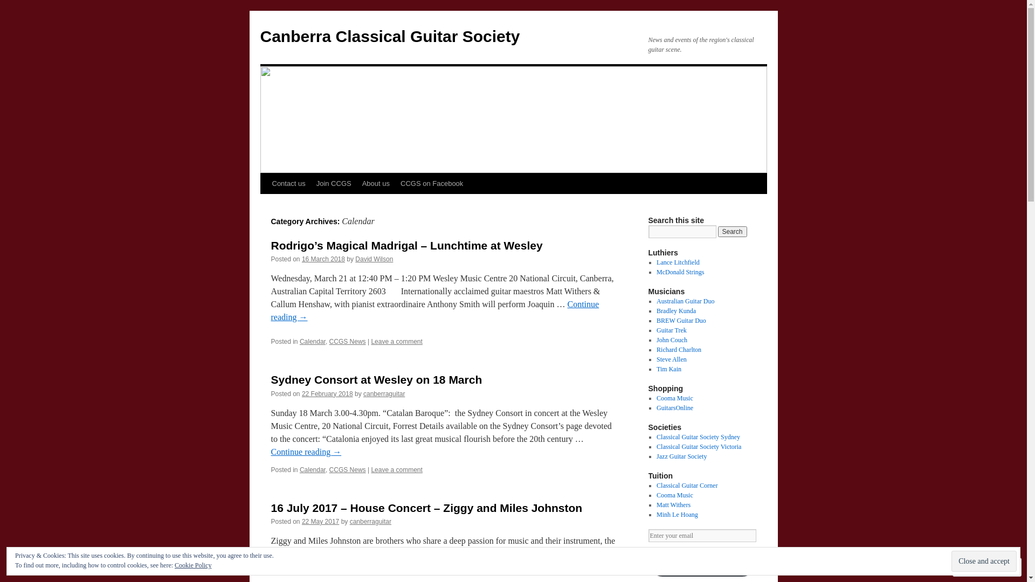 The image size is (1035, 582). What do you see at coordinates (389, 36) in the screenshot?
I see `'Canberra Classical Guitar Society'` at bounding box center [389, 36].